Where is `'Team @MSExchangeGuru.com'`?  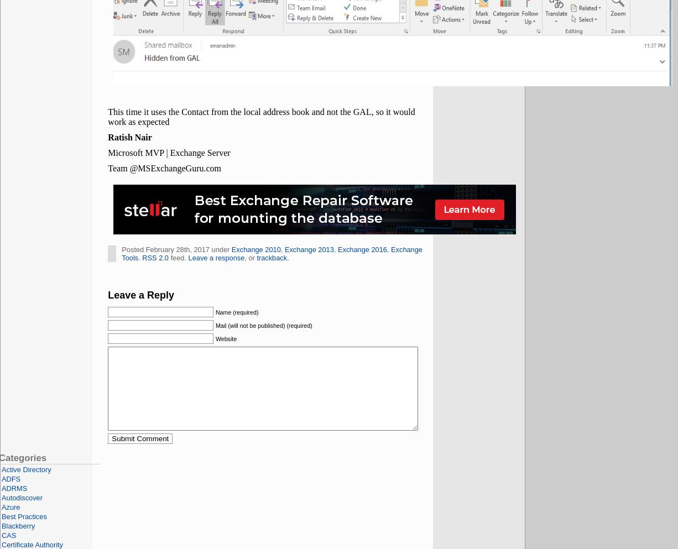 'Team @MSExchangeGuru.com' is located at coordinates (164, 168).